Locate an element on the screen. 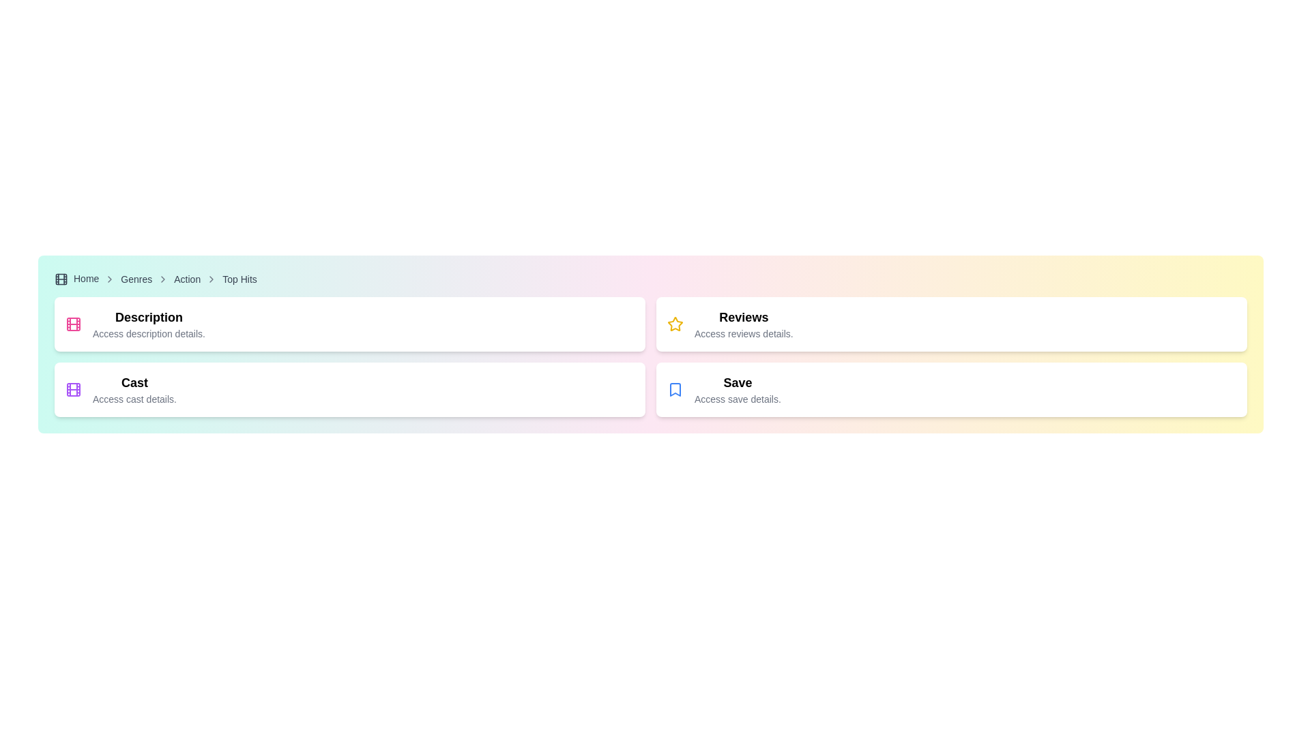  the central rounded rectangle of the film icon located at the top-left corner of the page, which is part of a film strip layout is located at coordinates (61, 278).